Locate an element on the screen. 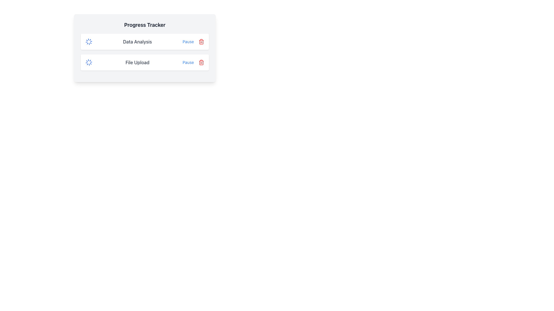 The image size is (554, 311). the red trash can icon located in the lower-right corner of the 'File Upload' section is located at coordinates (201, 62).